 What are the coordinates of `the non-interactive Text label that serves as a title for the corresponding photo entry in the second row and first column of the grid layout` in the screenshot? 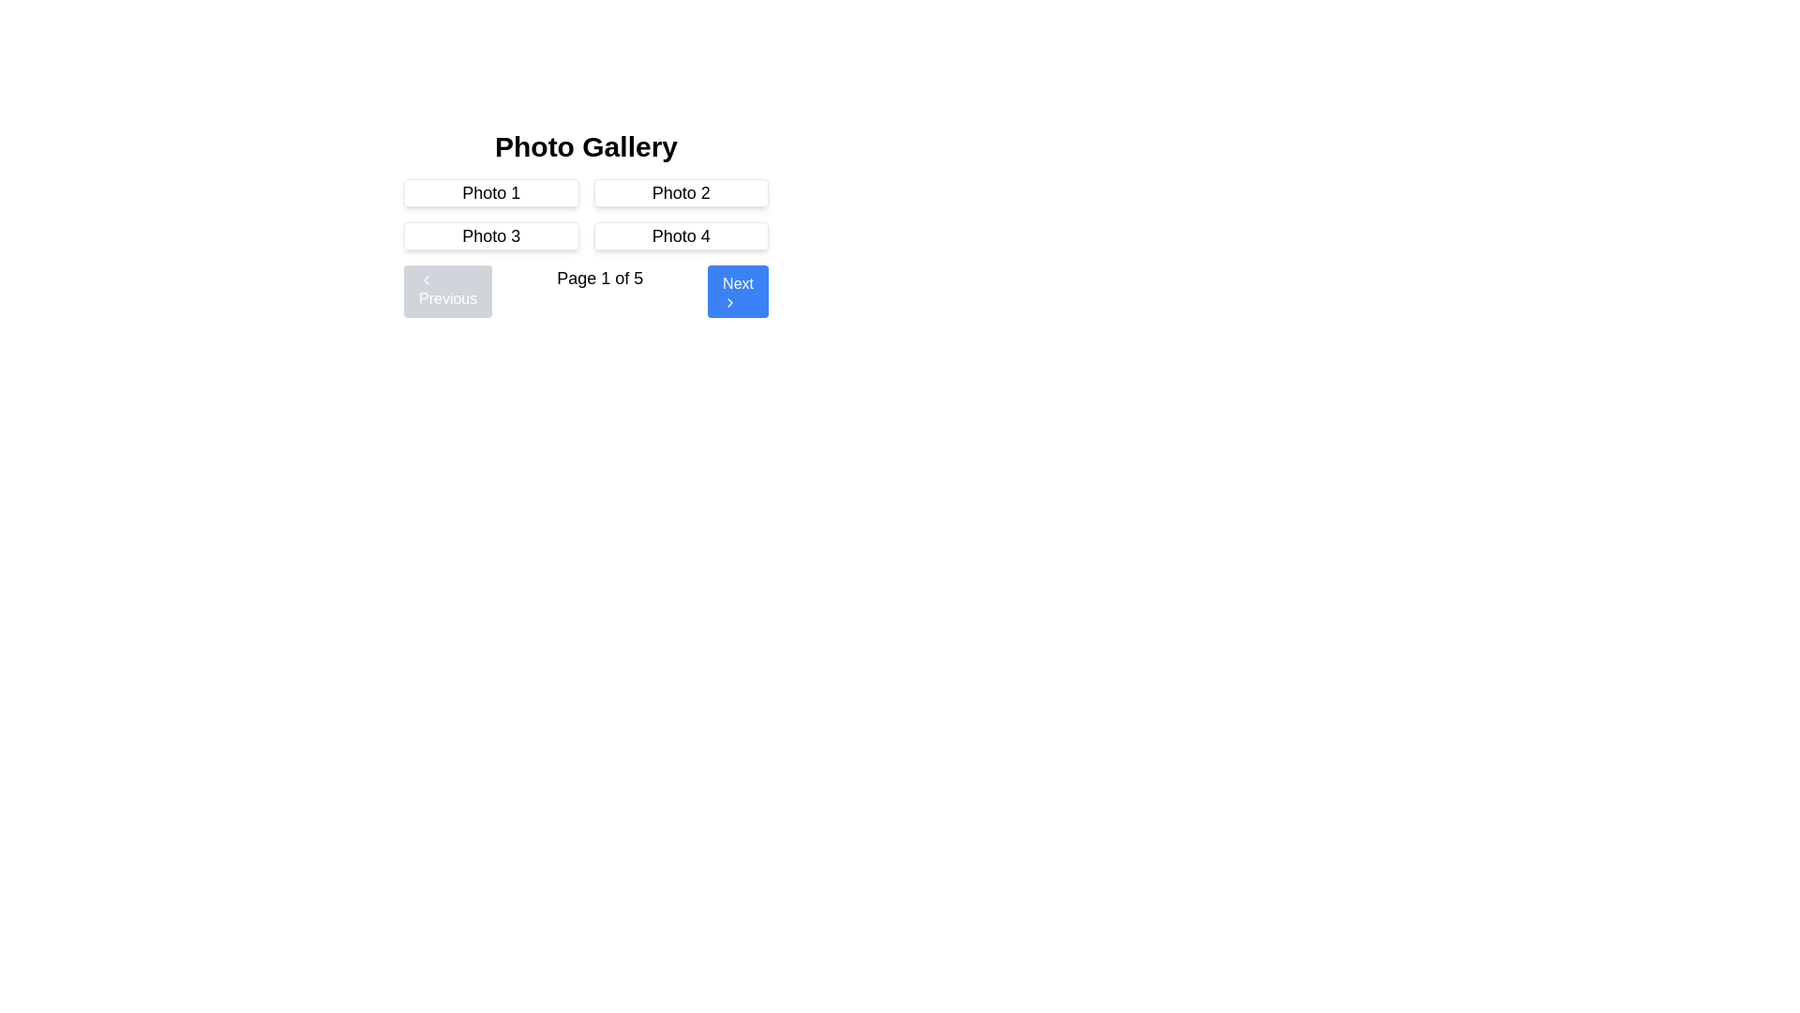 It's located at (491, 234).